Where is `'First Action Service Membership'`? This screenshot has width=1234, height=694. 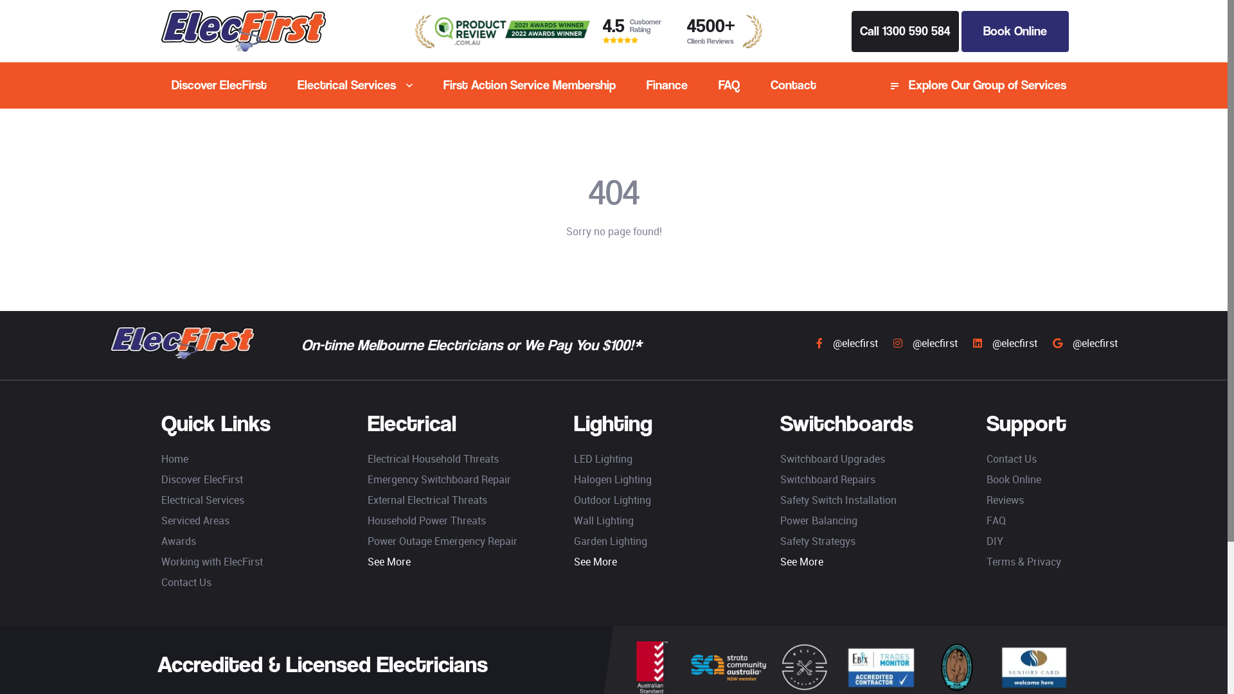
'First Action Service Membership' is located at coordinates (530, 85).